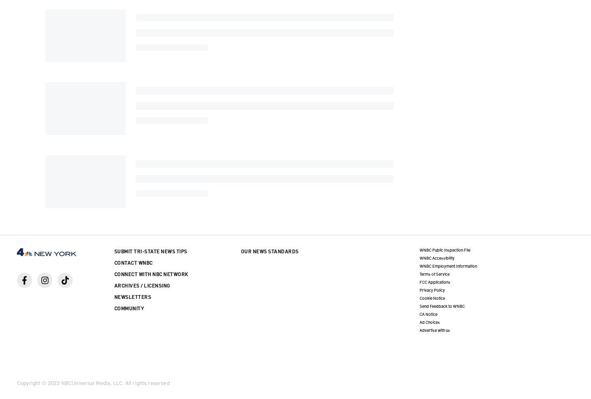 This screenshot has width=591, height=399. What do you see at coordinates (269, 251) in the screenshot?
I see `'Our News Standards'` at bounding box center [269, 251].